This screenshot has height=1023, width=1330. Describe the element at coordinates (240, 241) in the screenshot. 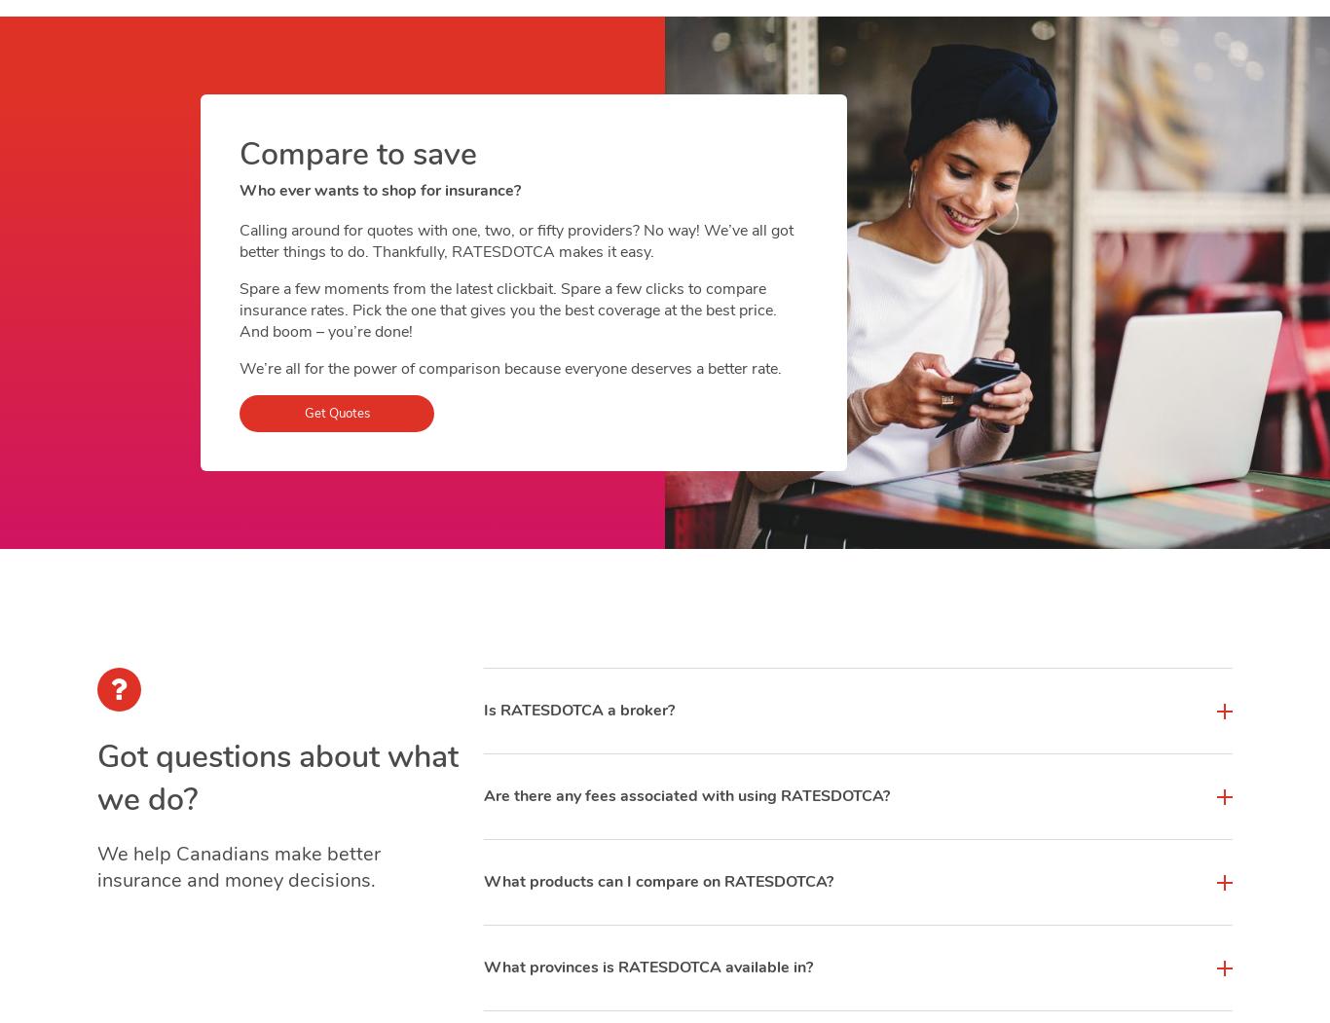

I see `'Calling around for quotes with one, two, or fifty providers? No way! We’ve all got better things to do. Thankfully, RATESDOTCA makes it easy.'` at that location.